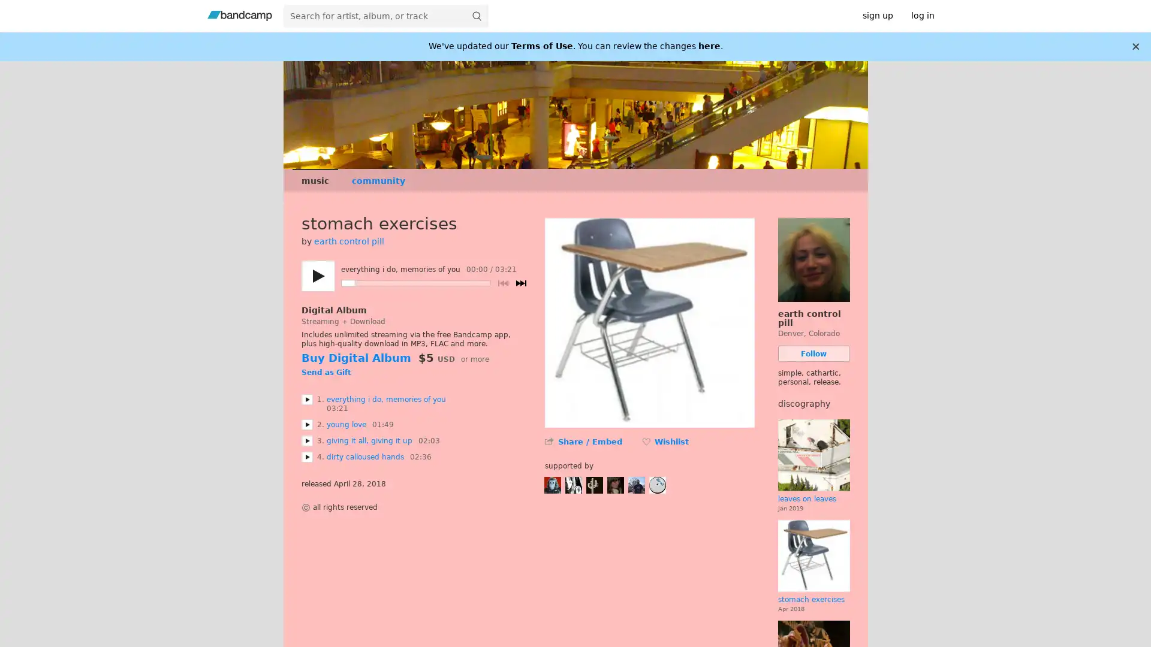  What do you see at coordinates (306, 400) in the screenshot?
I see `Play everything i do, memories of you` at bounding box center [306, 400].